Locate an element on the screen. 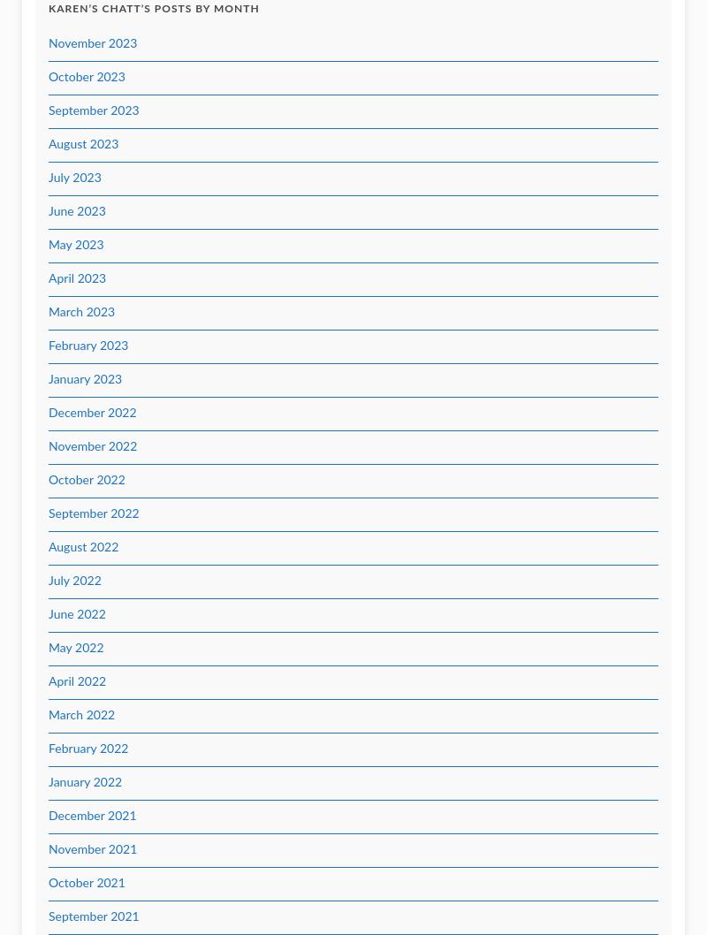  'Karen’s Chatt’s Posts by Month' is located at coordinates (48, 9).